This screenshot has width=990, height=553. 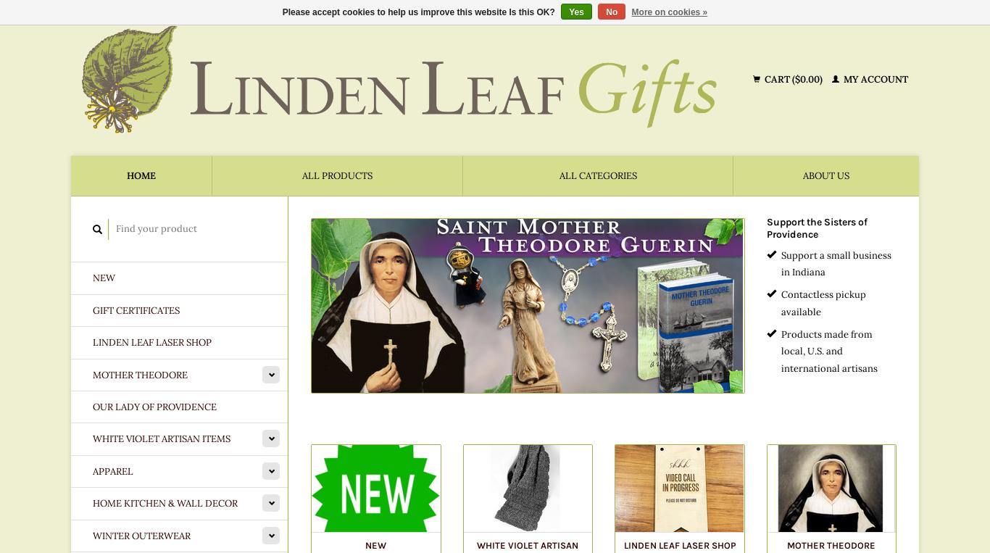 What do you see at coordinates (779, 262) in the screenshot?
I see `'Support a small business in Indiana'` at bounding box center [779, 262].